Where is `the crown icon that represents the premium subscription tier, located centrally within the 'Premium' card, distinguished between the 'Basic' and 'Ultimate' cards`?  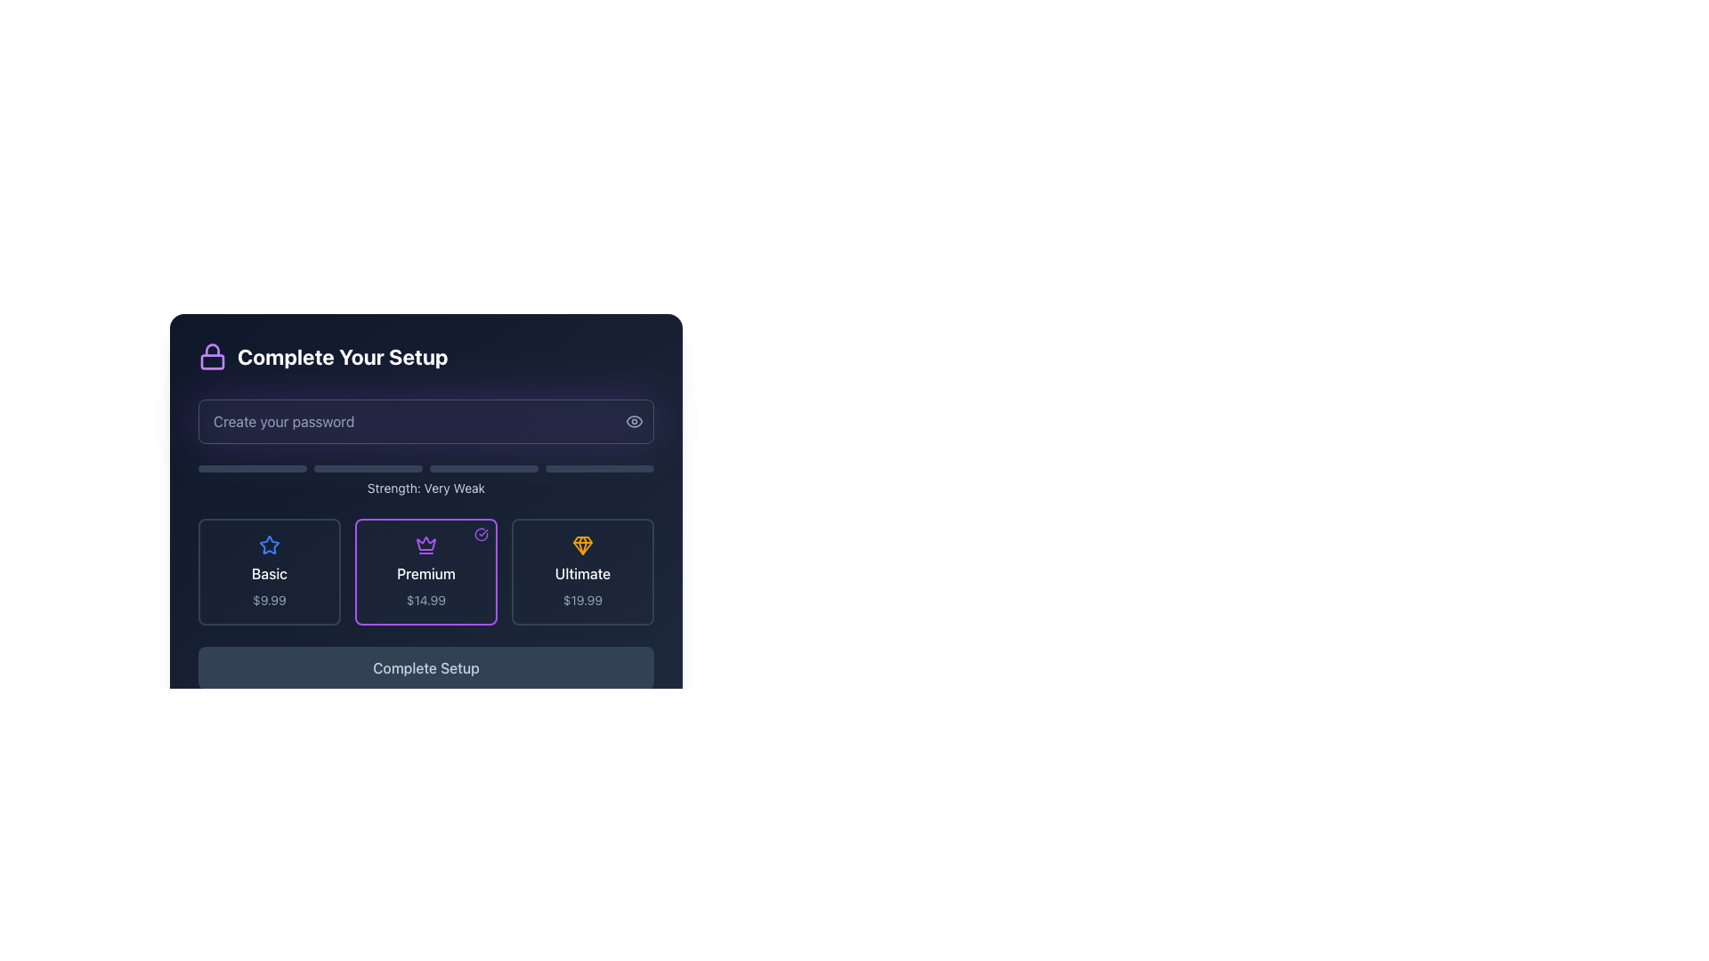
the crown icon that represents the premium subscription tier, located centrally within the 'Premium' card, distinguished between the 'Basic' and 'Ultimate' cards is located at coordinates (425, 542).